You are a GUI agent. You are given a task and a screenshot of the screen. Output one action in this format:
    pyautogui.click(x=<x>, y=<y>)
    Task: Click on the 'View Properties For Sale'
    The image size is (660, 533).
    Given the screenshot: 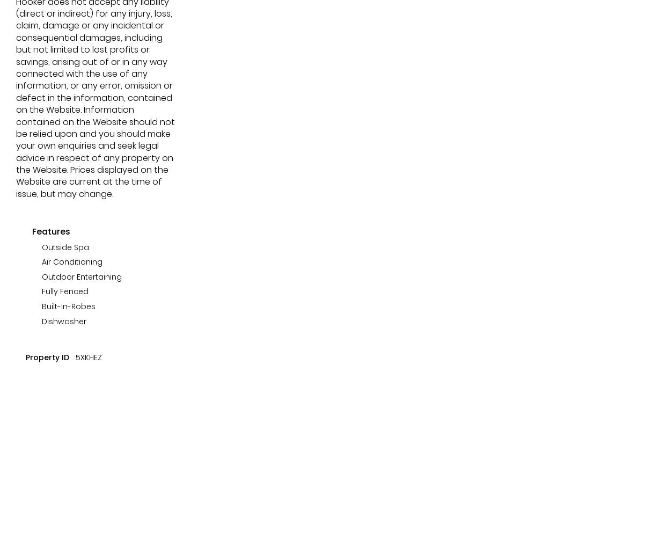 What is the action you would take?
    pyautogui.click(x=96, y=31)
    